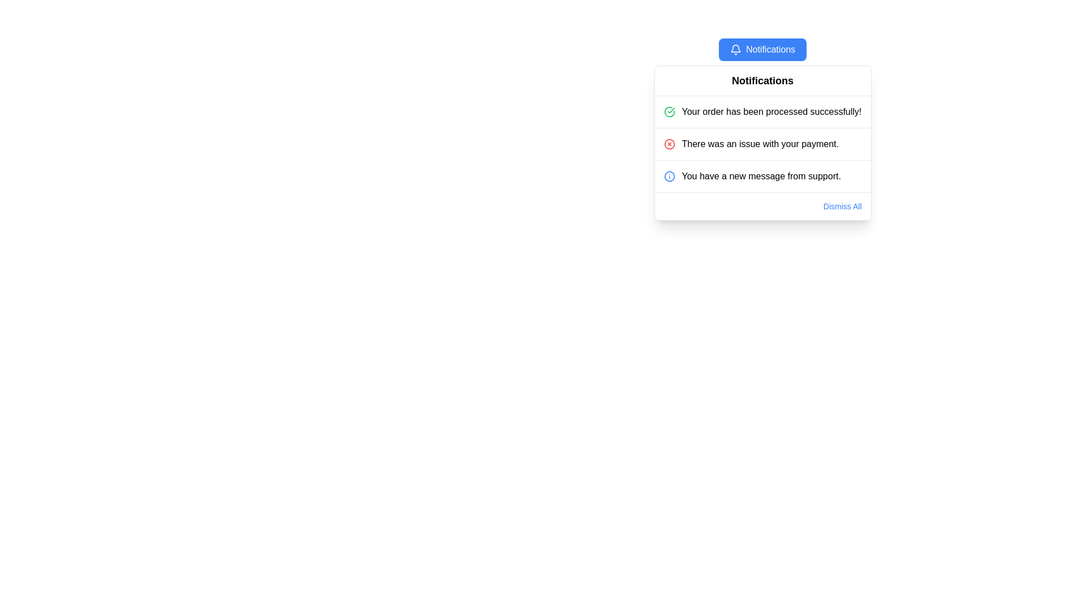 The width and height of the screenshot is (1086, 611). I want to click on notification text displayed on the Text Label that says 'Your order has been processed successfully!' positioned at the top of the notification panel, so click(771, 111).